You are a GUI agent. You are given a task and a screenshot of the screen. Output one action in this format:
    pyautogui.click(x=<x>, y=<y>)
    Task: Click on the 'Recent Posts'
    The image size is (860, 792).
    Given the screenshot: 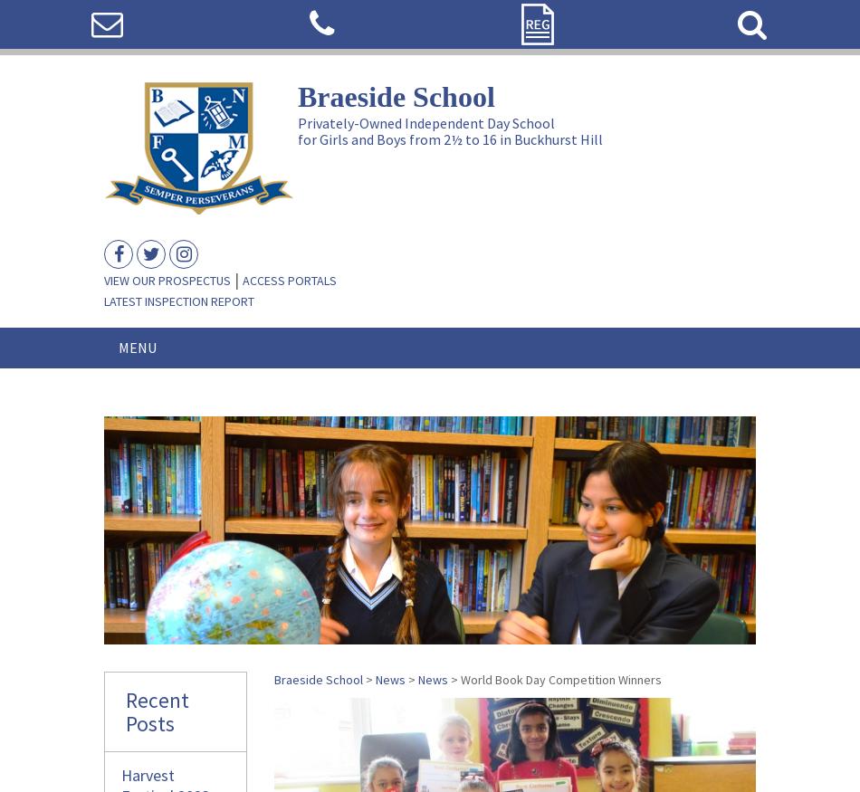 What is the action you would take?
    pyautogui.click(x=125, y=711)
    